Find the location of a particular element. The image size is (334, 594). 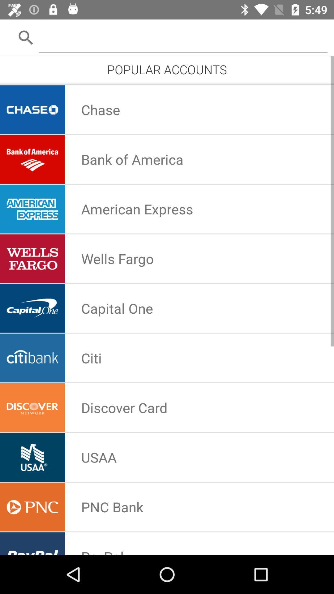

app below wells fargo icon is located at coordinates (117, 308).